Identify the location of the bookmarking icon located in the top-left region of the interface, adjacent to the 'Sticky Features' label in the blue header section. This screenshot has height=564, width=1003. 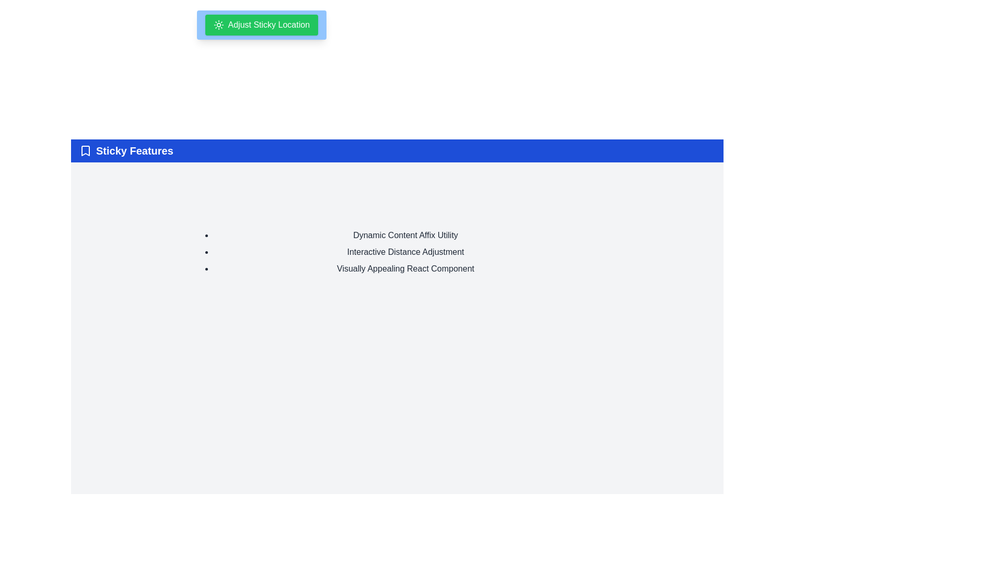
(85, 151).